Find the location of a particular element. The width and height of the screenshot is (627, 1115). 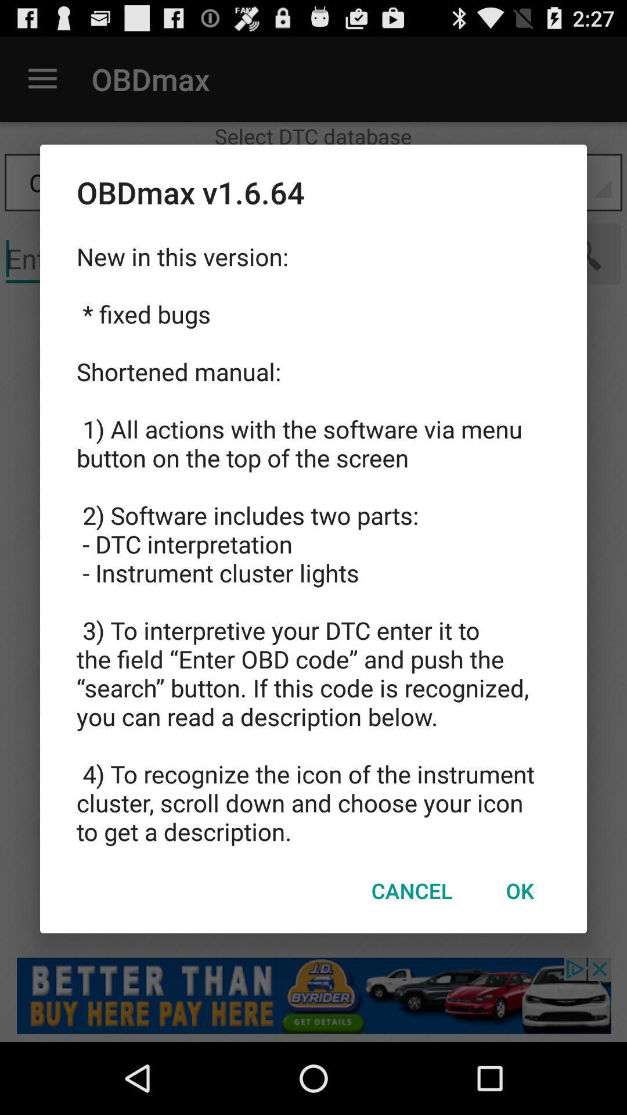

icon at the bottom right corner is located at coordinates (519, 890).